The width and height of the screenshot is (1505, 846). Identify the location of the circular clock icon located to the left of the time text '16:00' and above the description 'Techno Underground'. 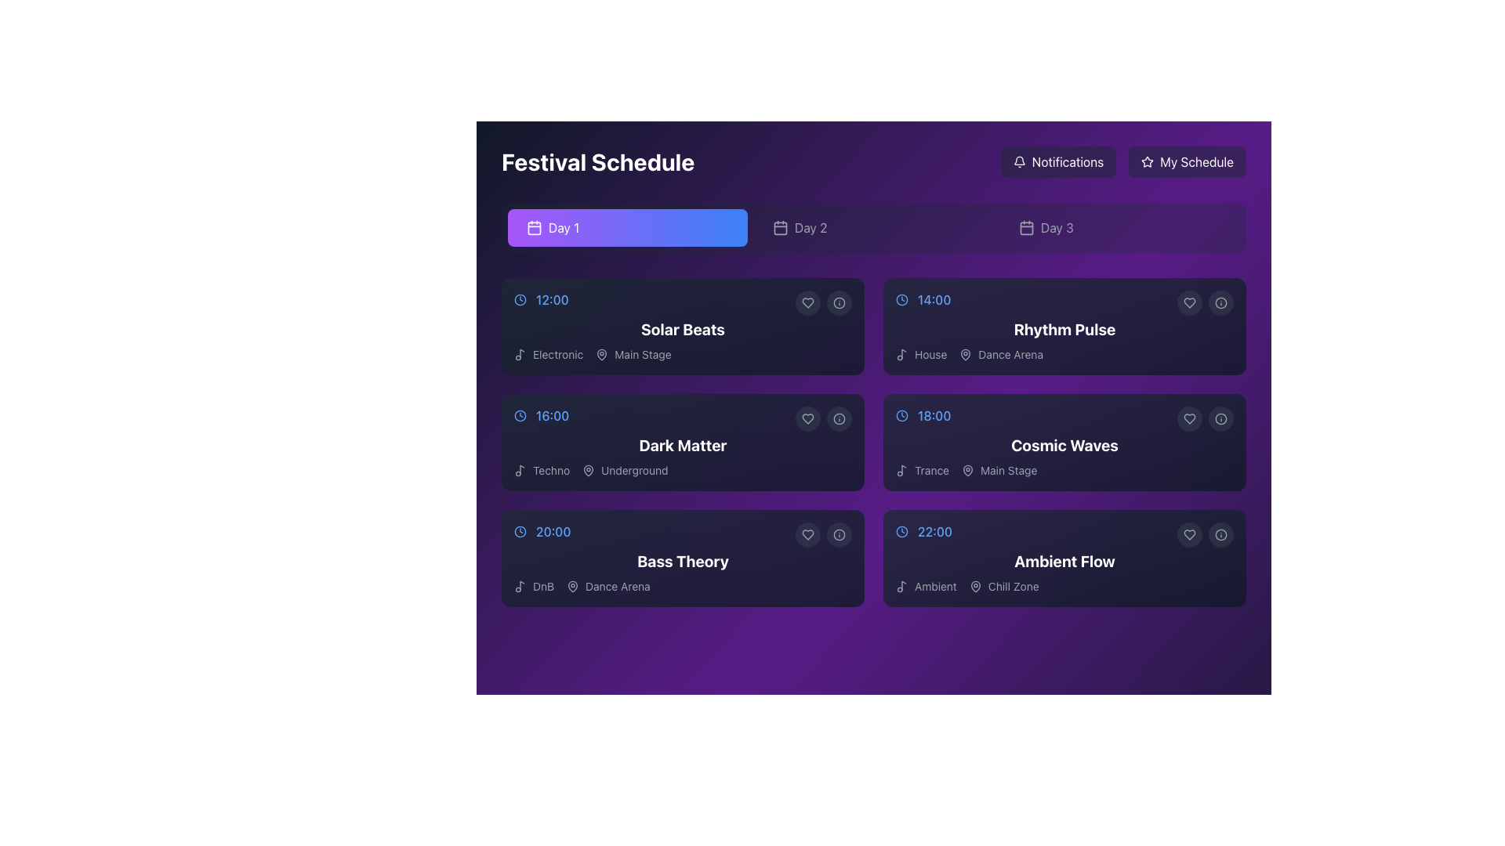
(520, 415).